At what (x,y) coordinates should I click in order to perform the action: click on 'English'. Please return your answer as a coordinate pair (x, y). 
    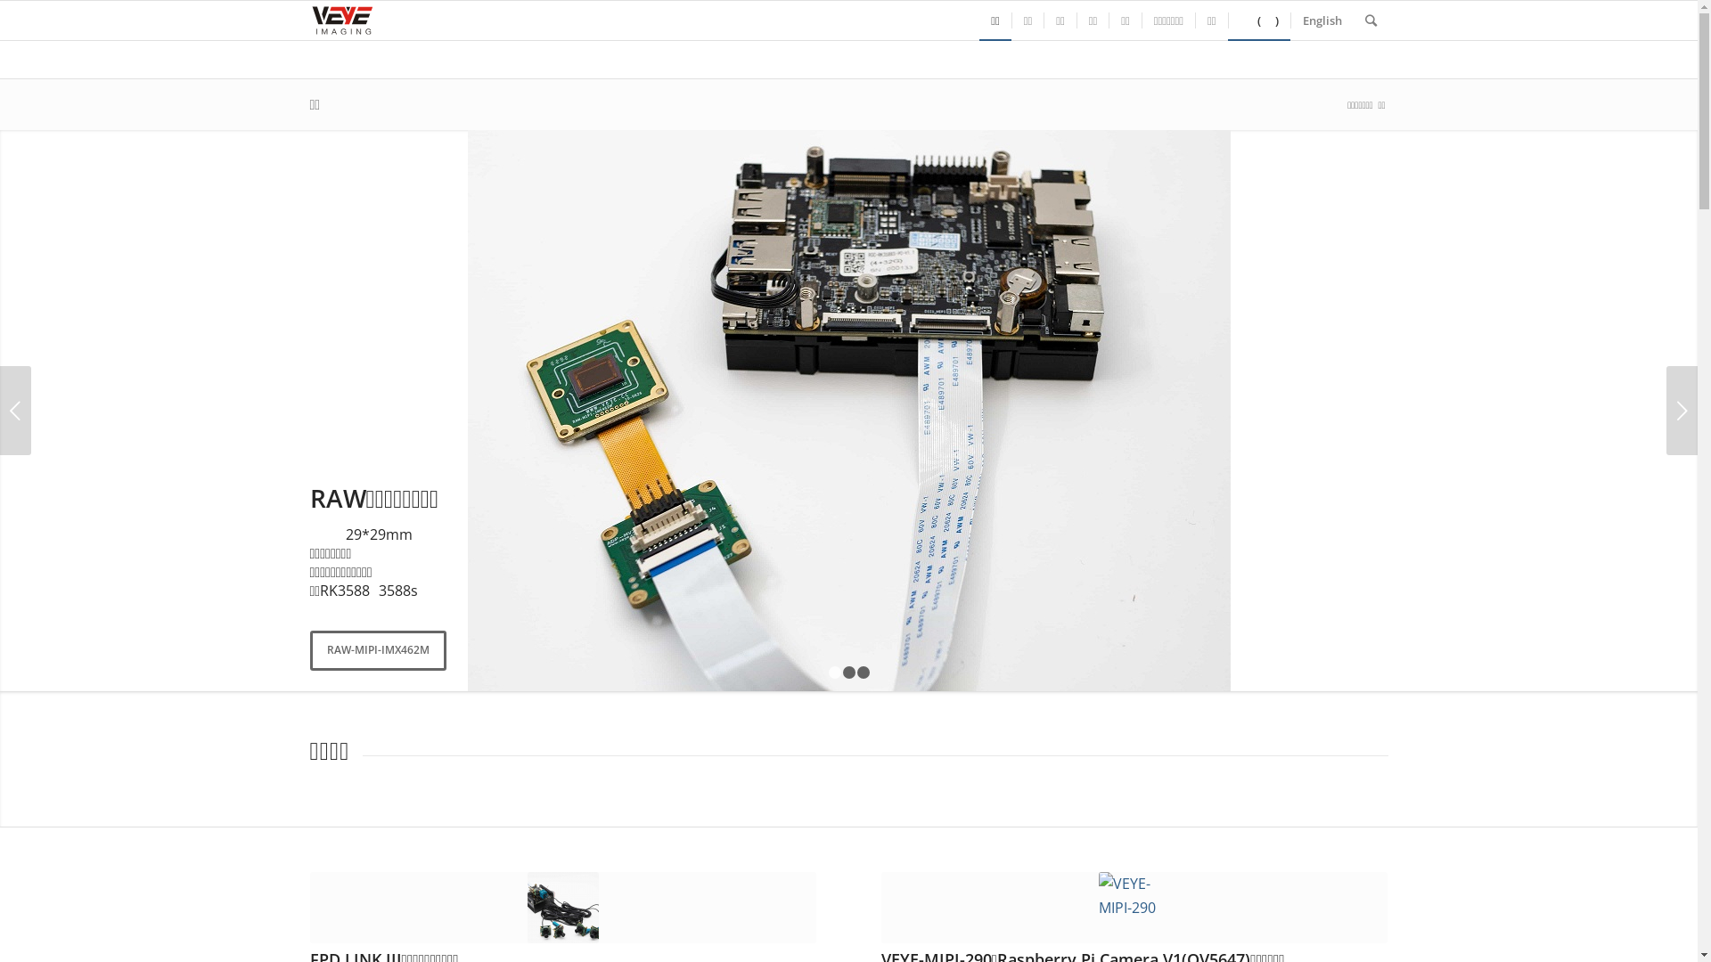
    Looking at the image, I should click on (1322, 20).